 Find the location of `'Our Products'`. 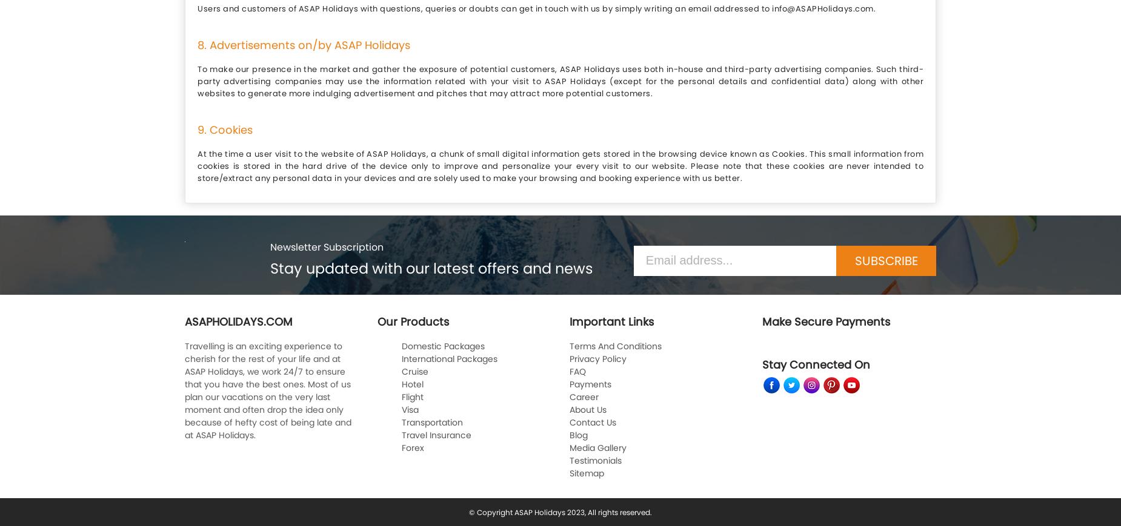

'Our Products' is located at coordinates (412, 321).